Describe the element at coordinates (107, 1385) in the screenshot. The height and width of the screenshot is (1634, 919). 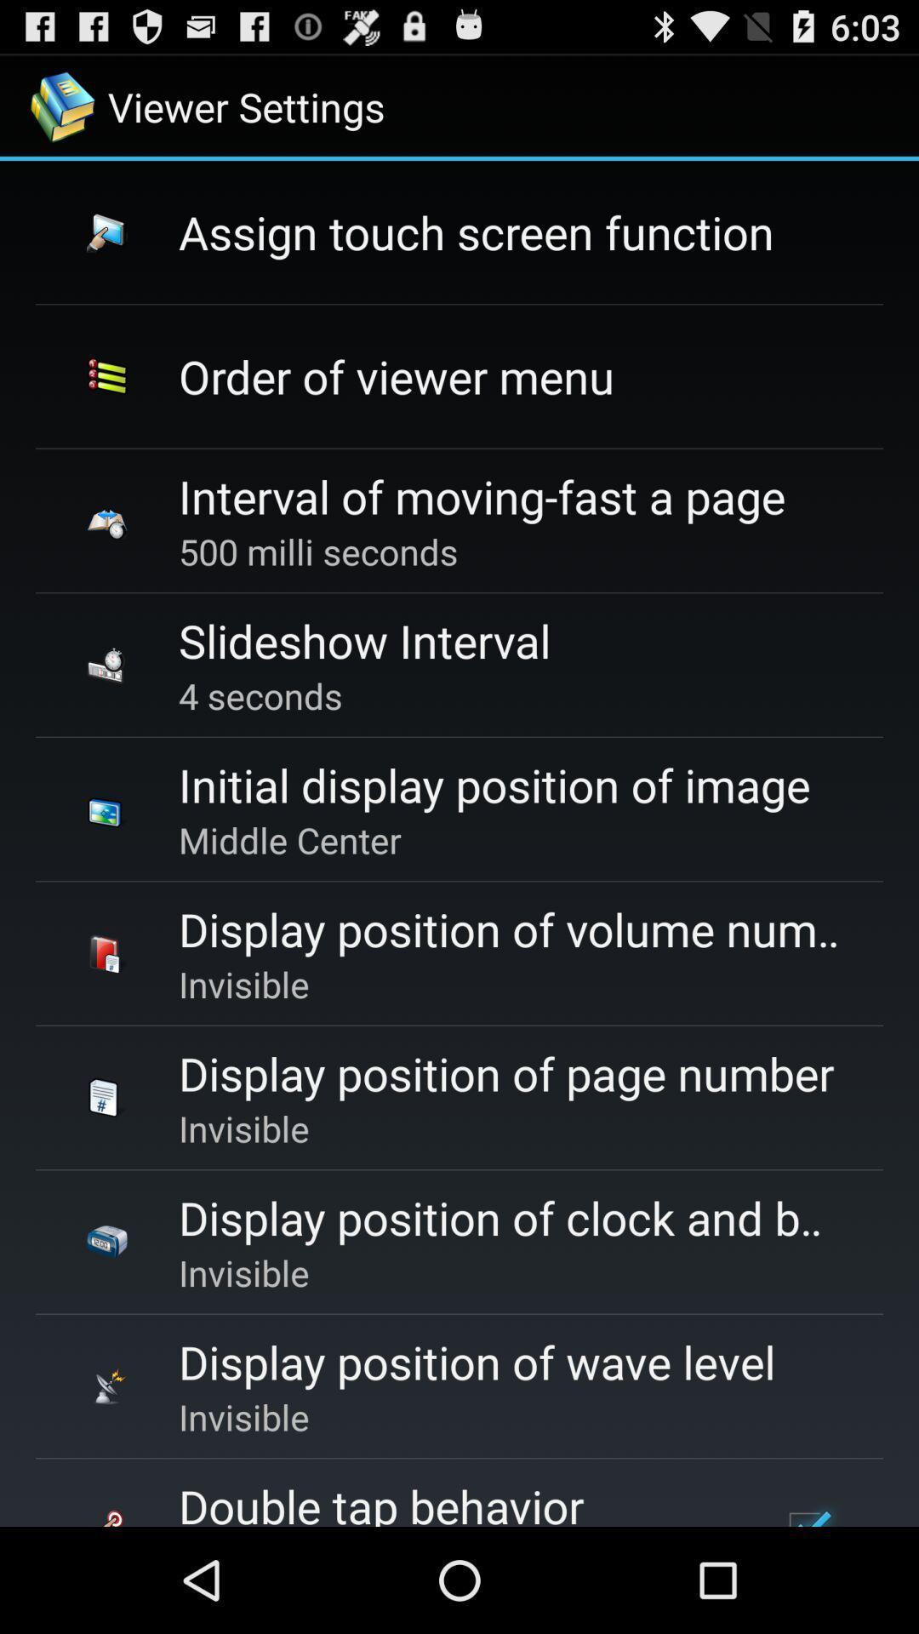
I see `icon in second option from bottom` at that location.